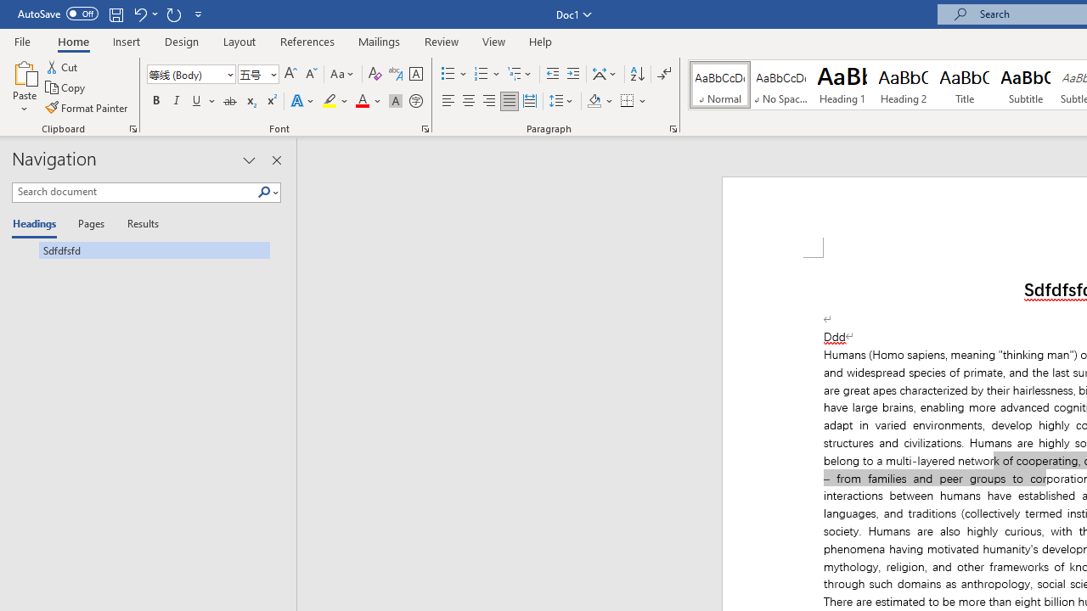 This screenshot has width=1087, height=611. Describe the element at coordinates (250, 101) in the screenshot. I see `'Subscript'` at that location.